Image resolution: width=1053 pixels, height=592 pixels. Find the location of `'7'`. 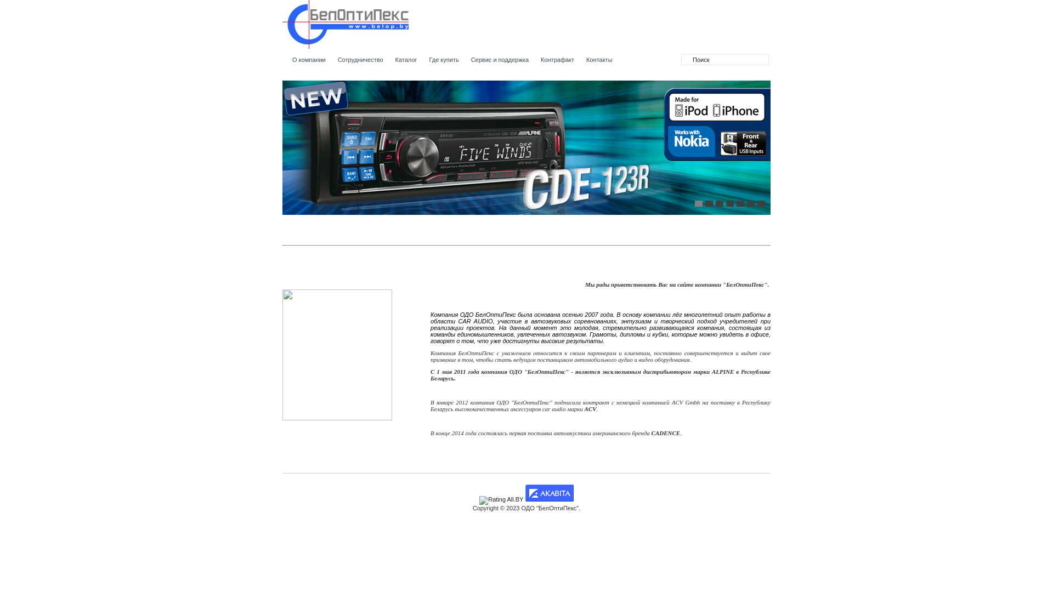

'7' is located at coordinates (757, 203).